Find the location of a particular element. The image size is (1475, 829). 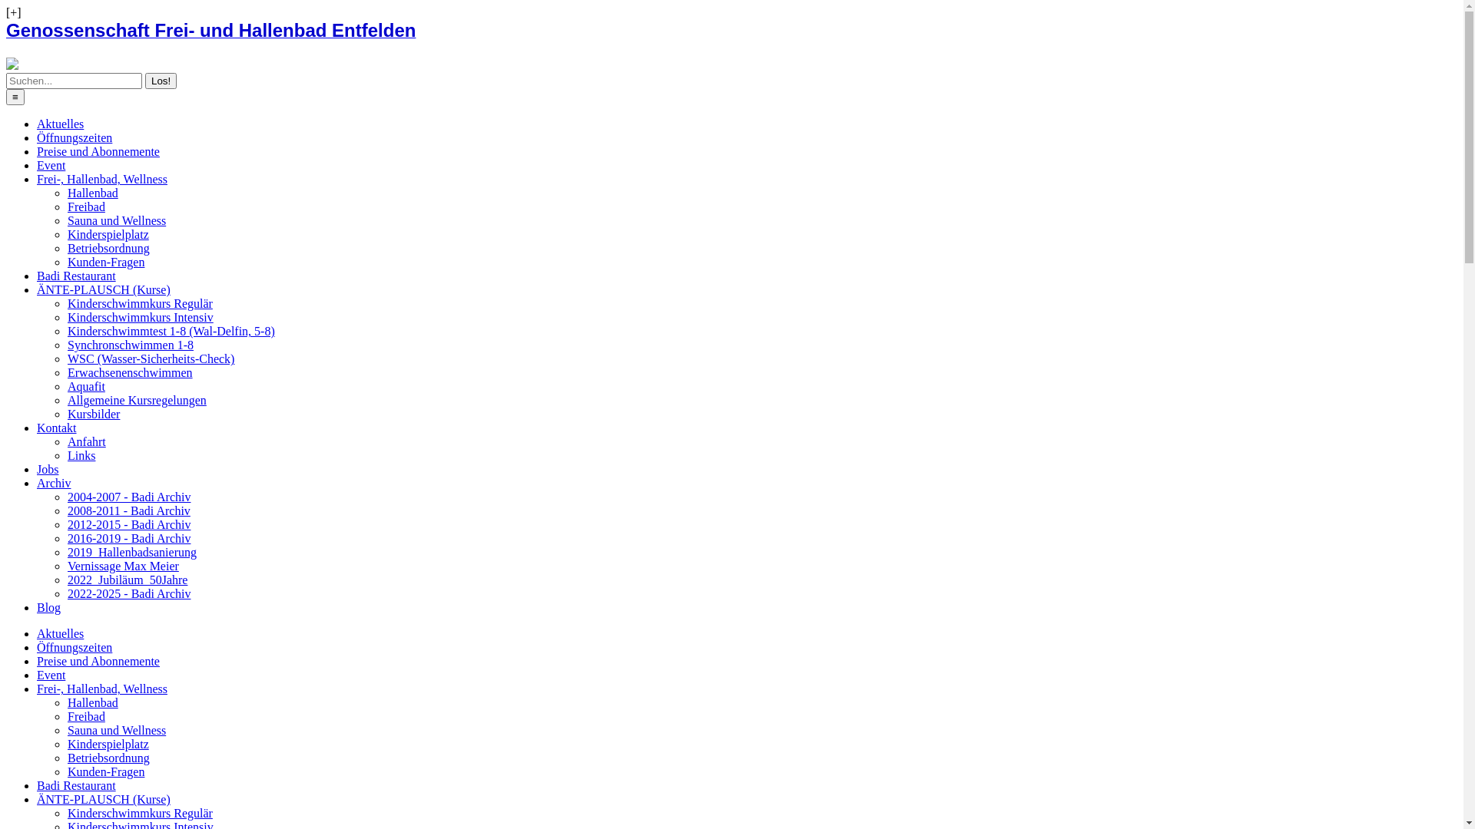

'2022-2025 - Badi Archiv' is located at coordinates (129, 593).